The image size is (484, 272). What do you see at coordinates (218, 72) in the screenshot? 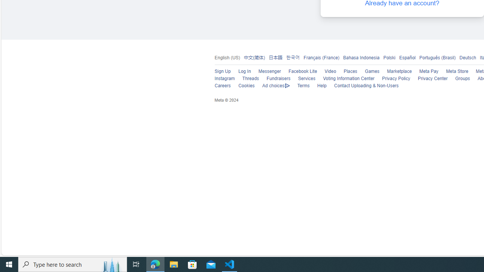
I see `'Sign Up'` at bounding box center [218, 72].